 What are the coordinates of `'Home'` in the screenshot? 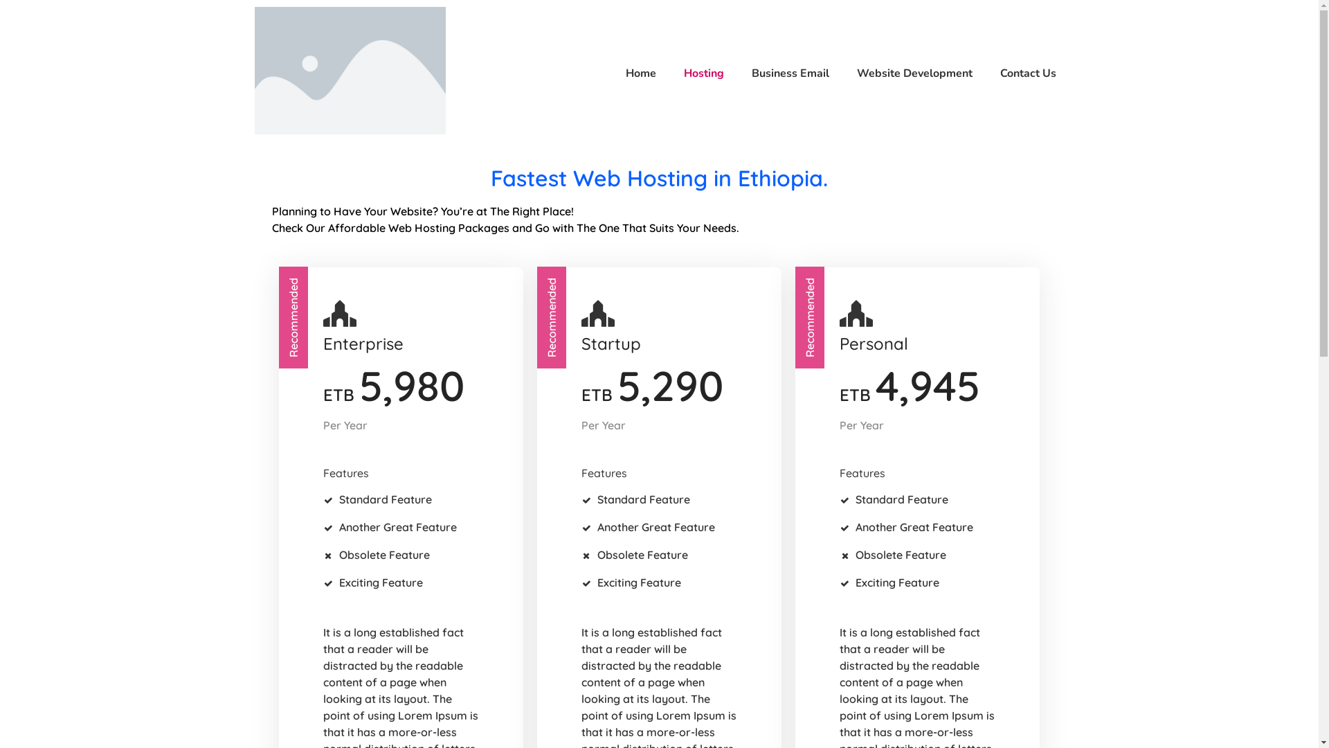 It's located at (633, 73).